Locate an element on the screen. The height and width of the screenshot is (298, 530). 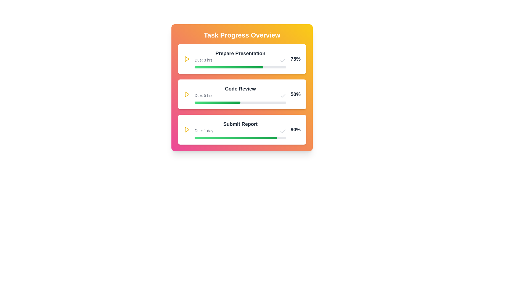
the Task Progress Summary Block for 'Code Review' is located at coordinates (240, 94).